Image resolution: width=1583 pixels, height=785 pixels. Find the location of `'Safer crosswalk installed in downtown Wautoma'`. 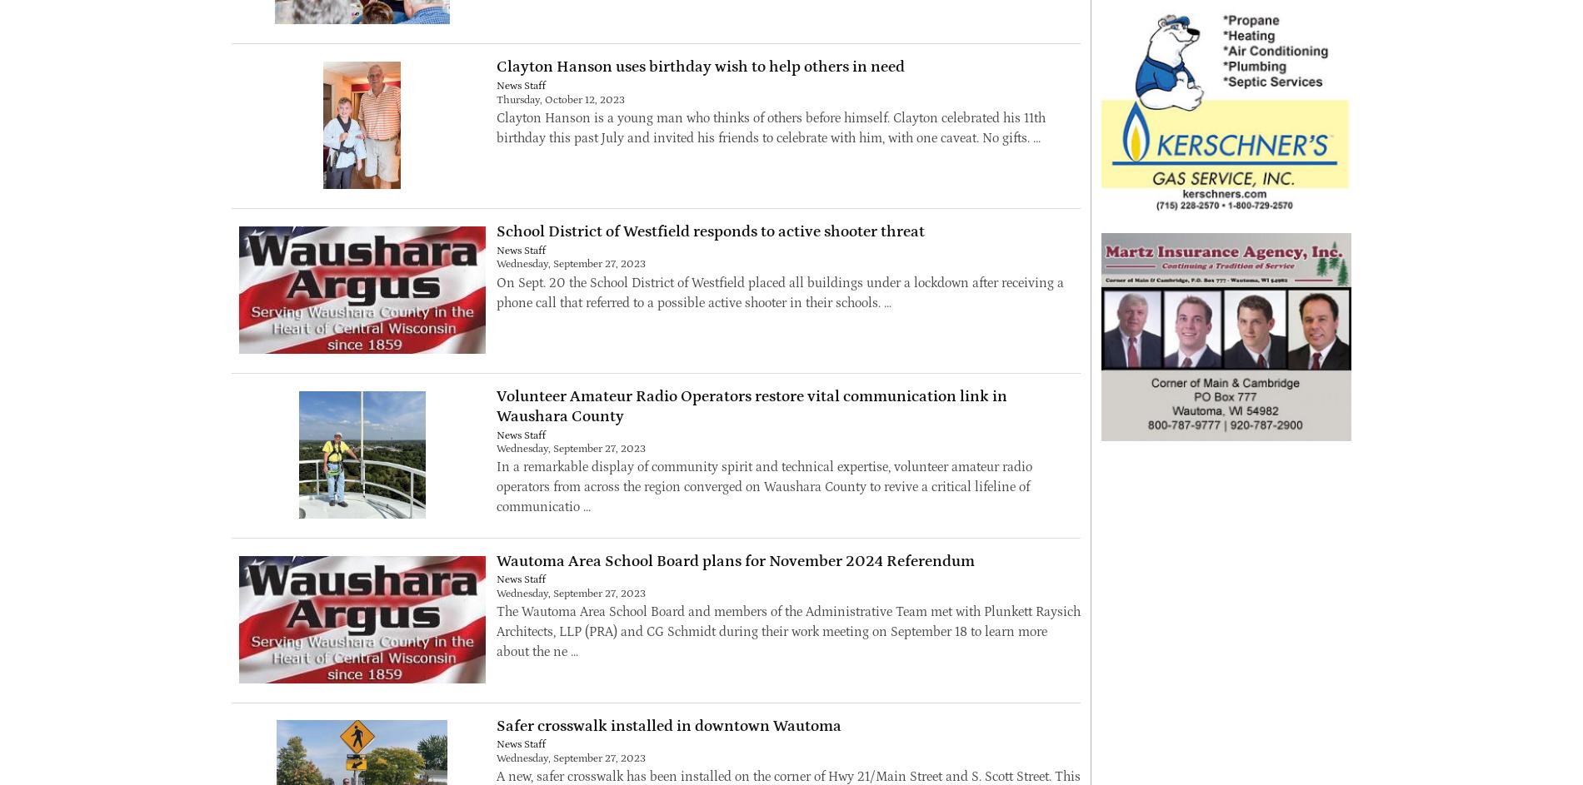

'Safer crosswalk installed in downtown Wautoma' is located at coordinates (667, 725).